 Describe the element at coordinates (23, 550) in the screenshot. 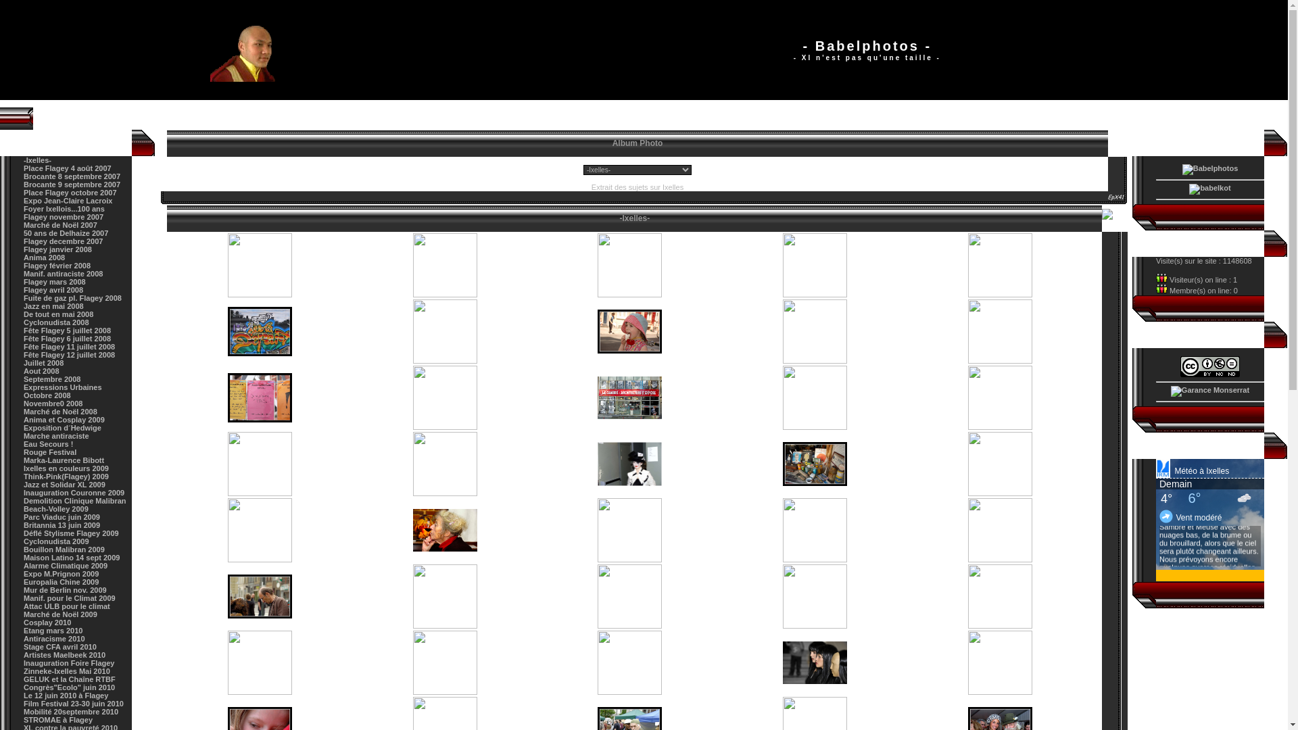

I see `'Bouillon Malibran 2009'` at that location.